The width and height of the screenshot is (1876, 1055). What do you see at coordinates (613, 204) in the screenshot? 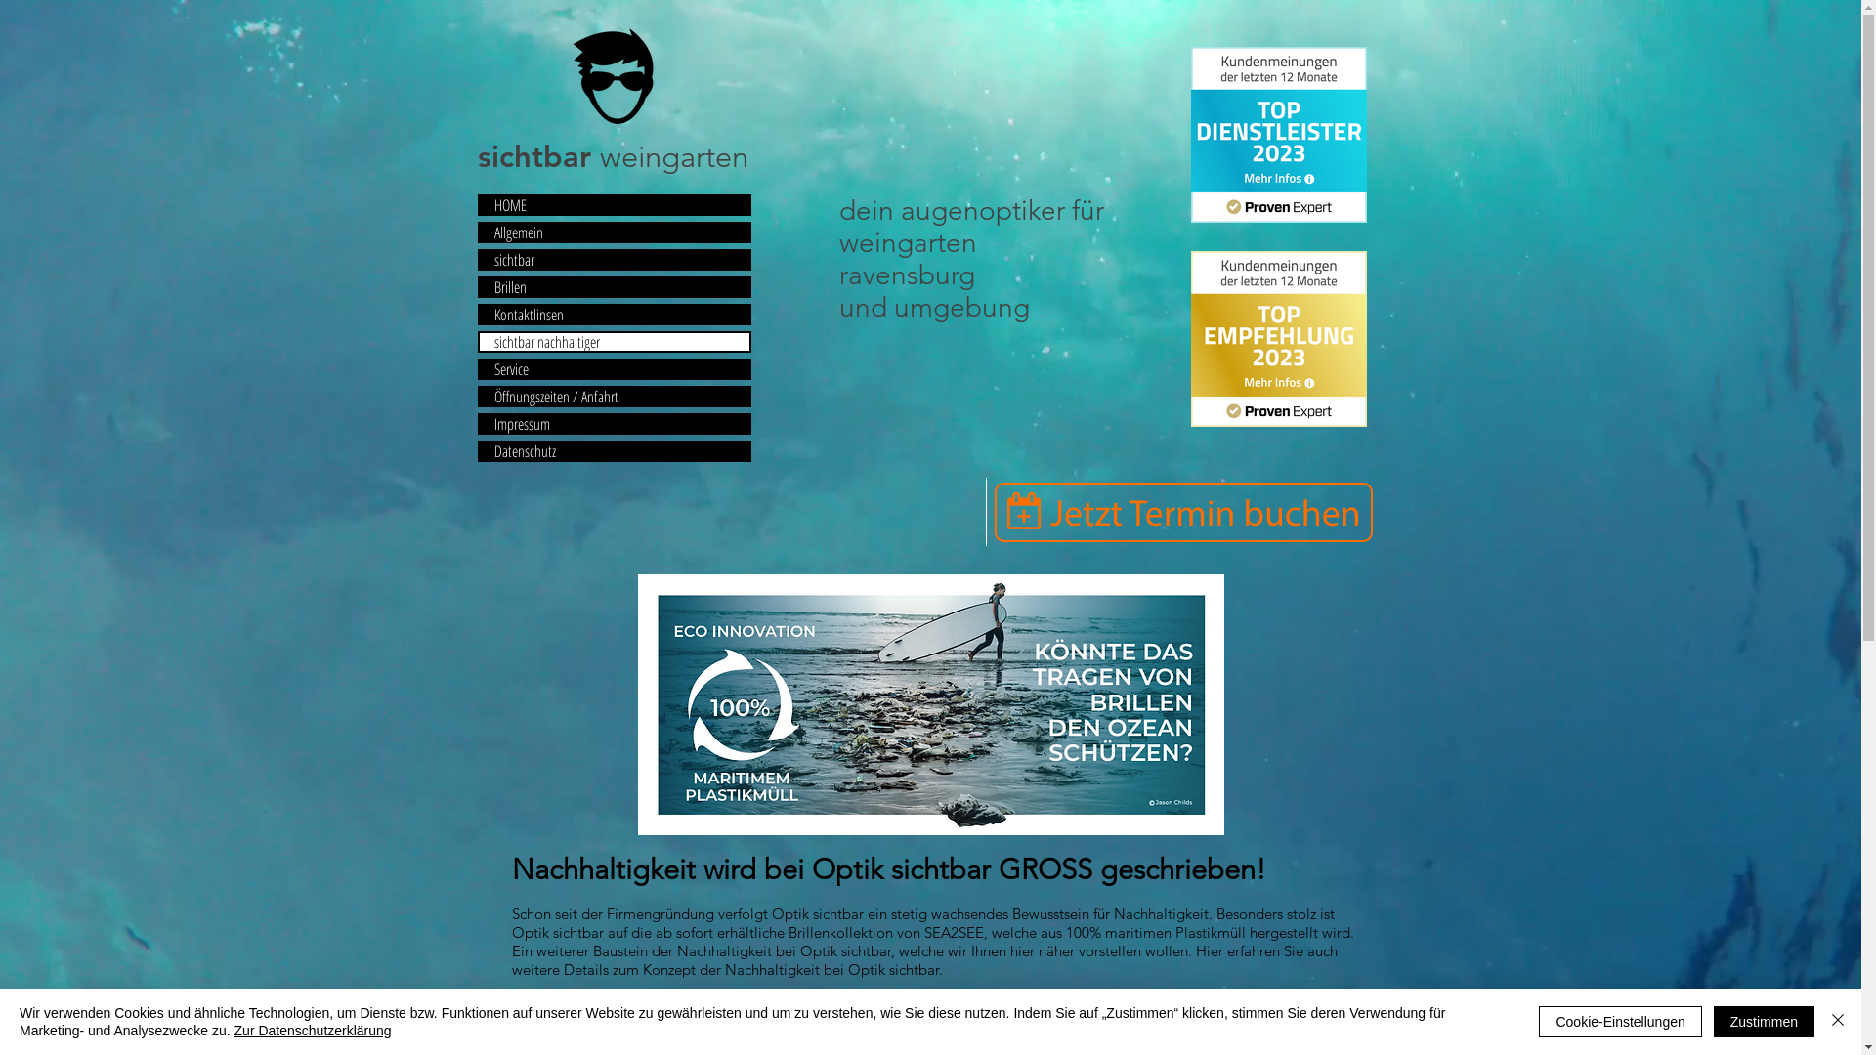
I see `'HOME'` at bounding box center [613, 204].